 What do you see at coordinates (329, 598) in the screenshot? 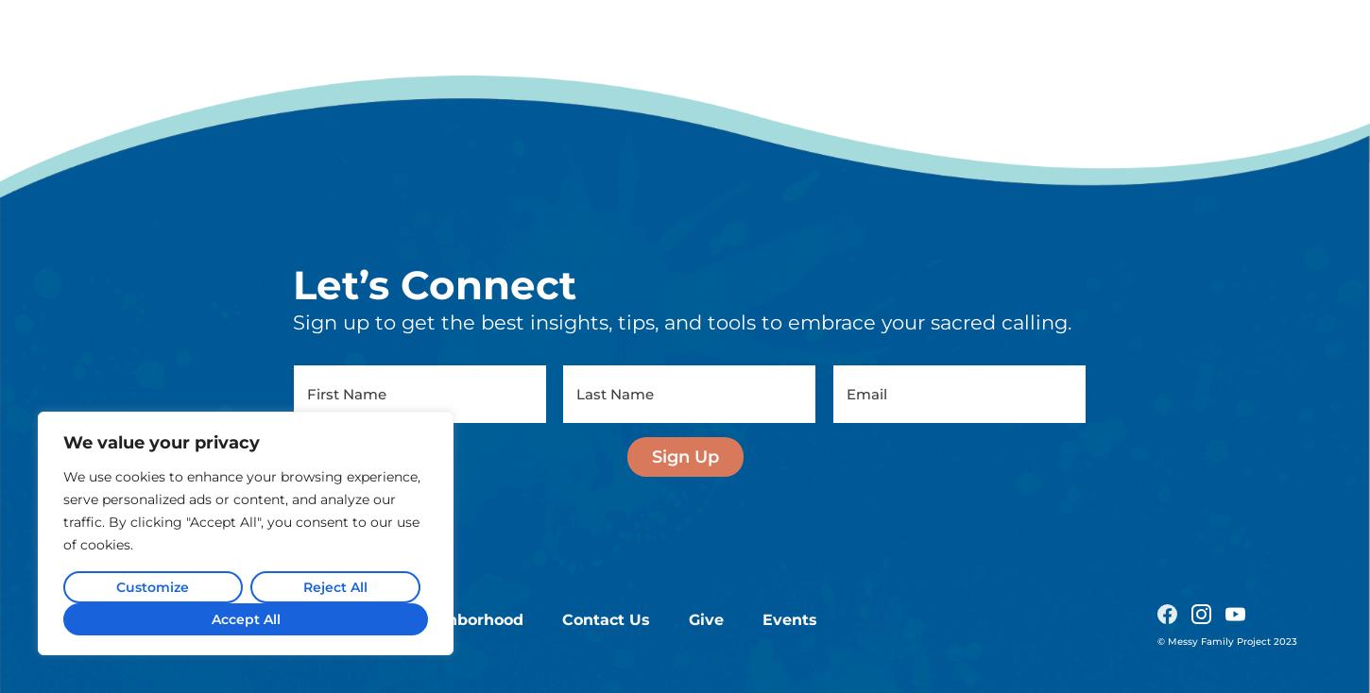
I see `'Always Active'` at bounding box center [329, 598].